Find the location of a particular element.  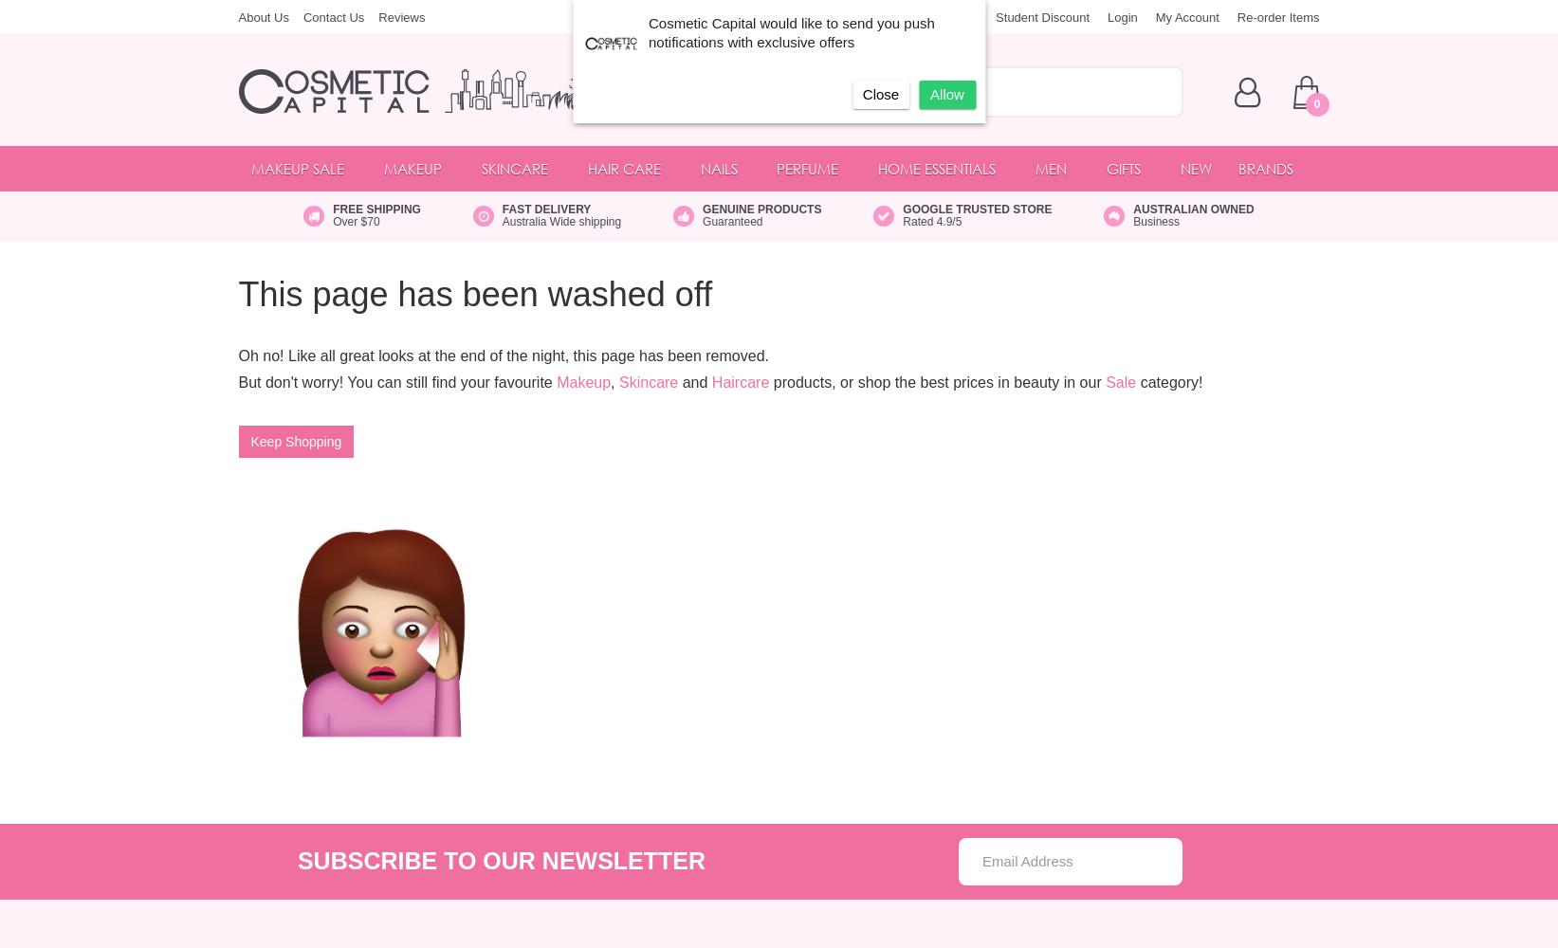

'0' is located at coordinates (1315, 102).